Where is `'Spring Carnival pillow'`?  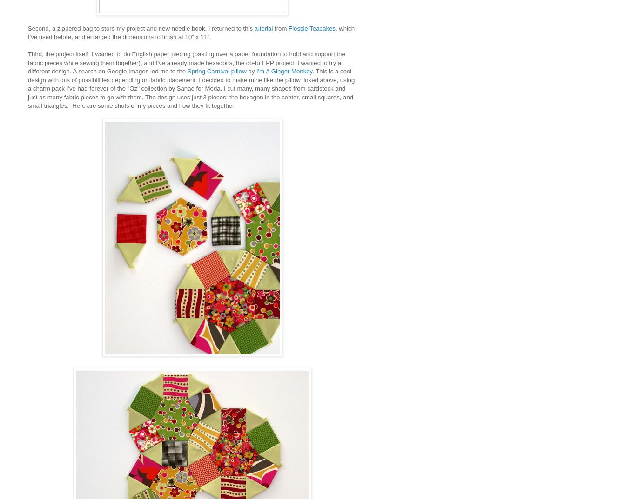 'Spring Carnival pillow' is located at coordinates (216, 71).